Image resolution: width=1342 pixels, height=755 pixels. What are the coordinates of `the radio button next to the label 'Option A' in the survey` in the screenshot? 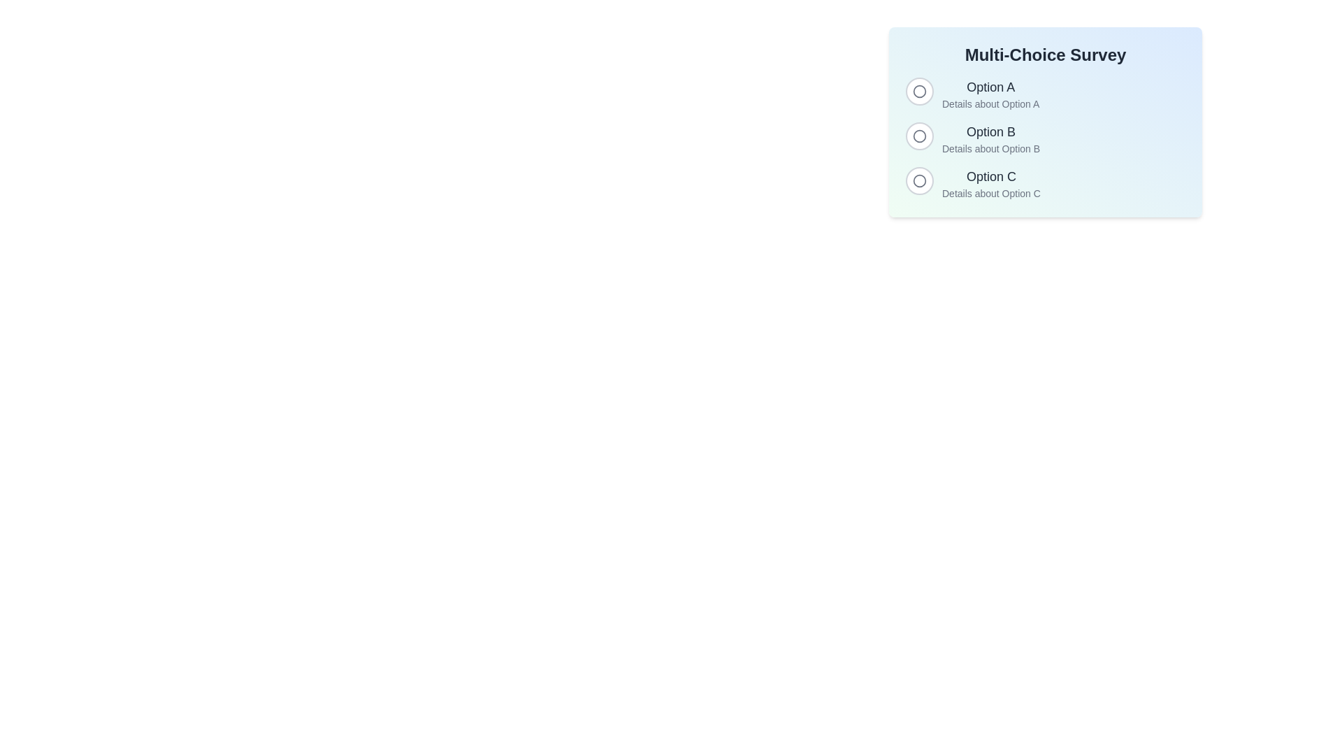 It's located at (919, 91).